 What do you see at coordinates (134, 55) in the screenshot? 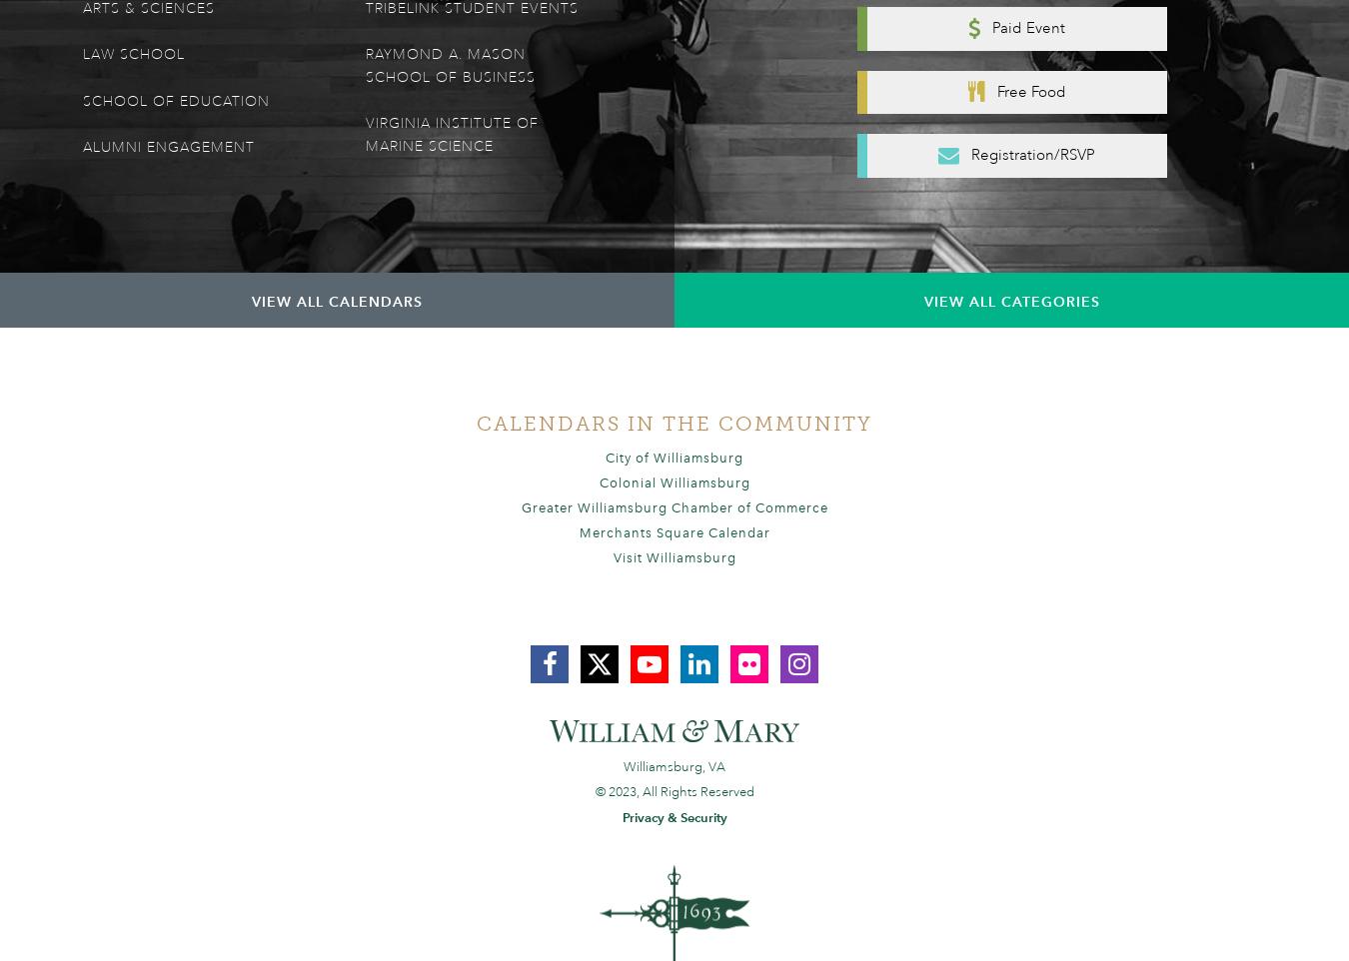
I see `'Law School'` at bounding box center [134, 55].